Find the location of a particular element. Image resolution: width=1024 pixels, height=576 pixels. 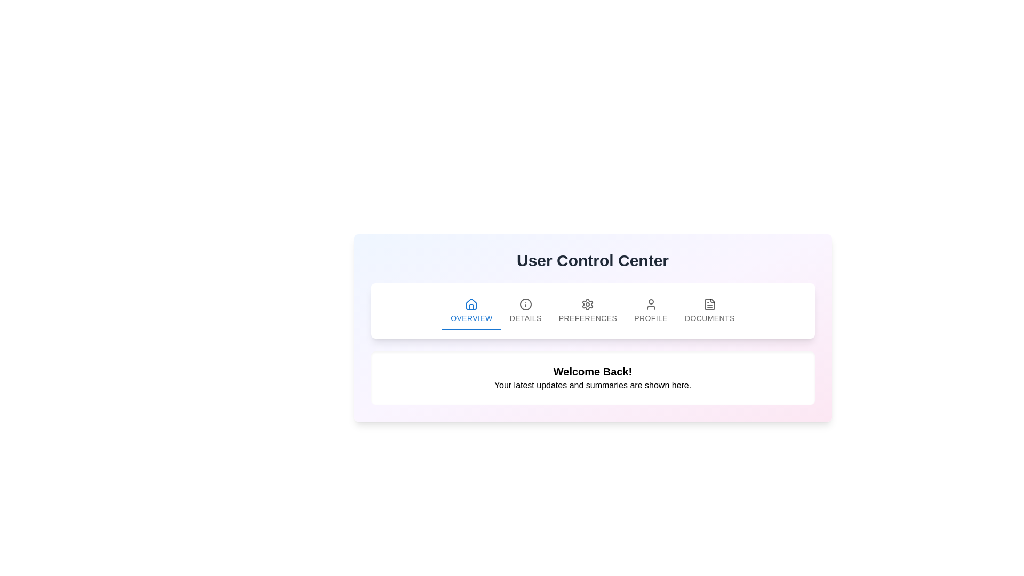

the fourth tab button in the navigation bar that leads to the profile section is located at coordinates (650, 310).